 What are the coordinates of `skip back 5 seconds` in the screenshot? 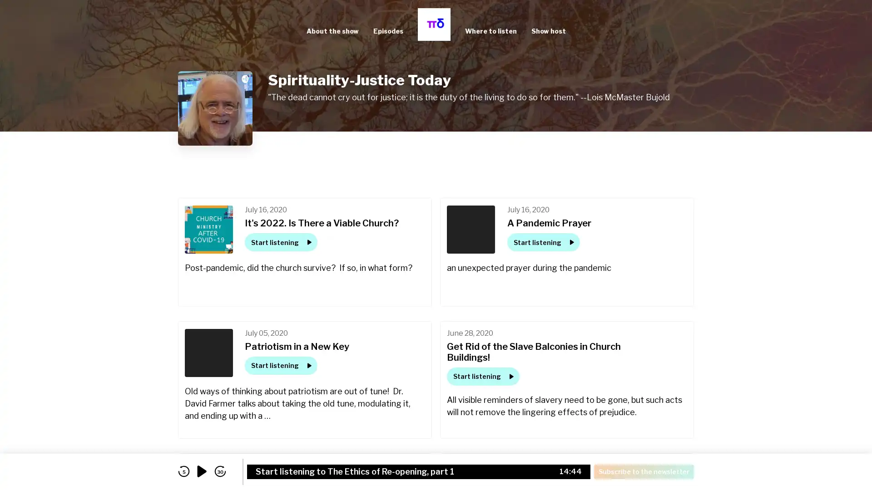 It's located at (183, 471).